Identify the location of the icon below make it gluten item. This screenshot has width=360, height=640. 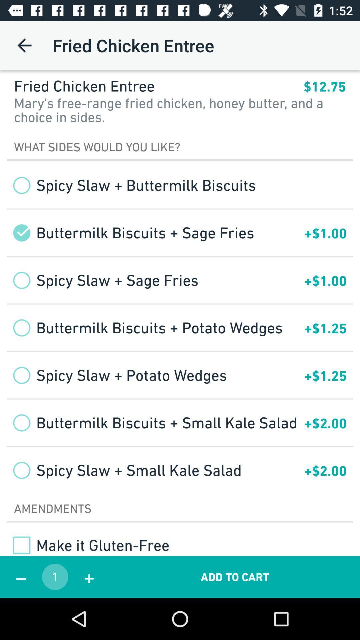
(89, 577).